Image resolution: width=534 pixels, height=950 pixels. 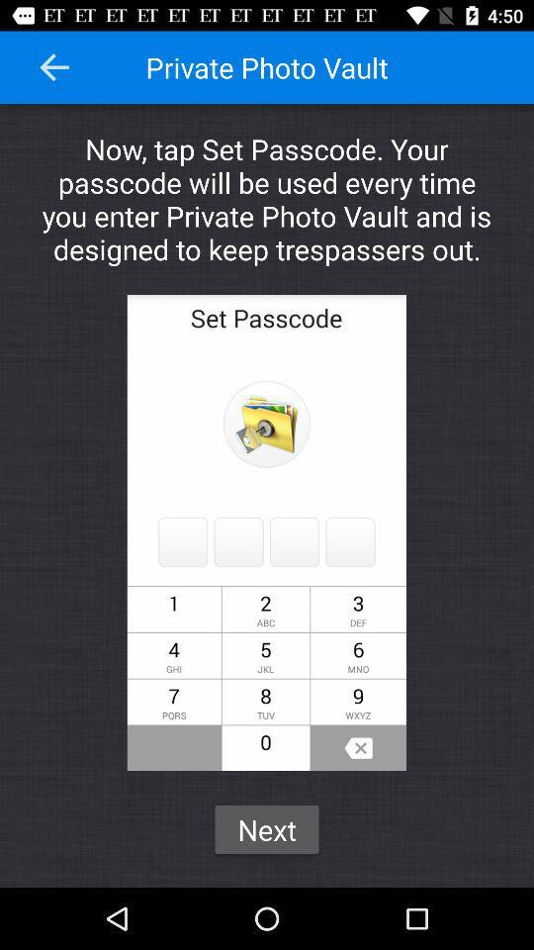 What do you see at coordinates (54, 67) in the screenshot?
I see `icon above the now tap set icon` at bounding box center [54, 67].